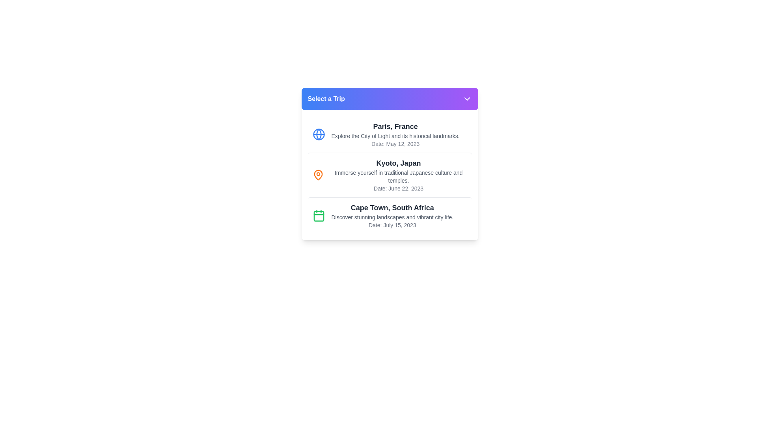 The height and width of the screenshot is (426, 757). Describe the element at coordinates (318, 174) in the screenshot. I see `the orange map pin icon, which is part of the 'Kyoto, Japan' trip option in the dropdown, positioned to the left of the descriptive text` at that location.